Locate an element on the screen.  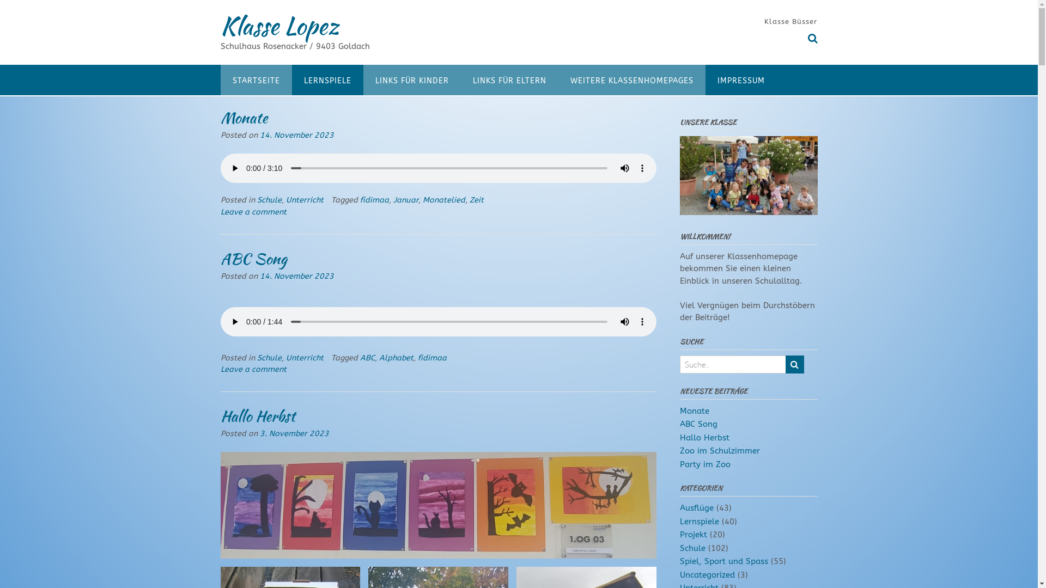
'fidimaa' is located at coordinates (431, 357).